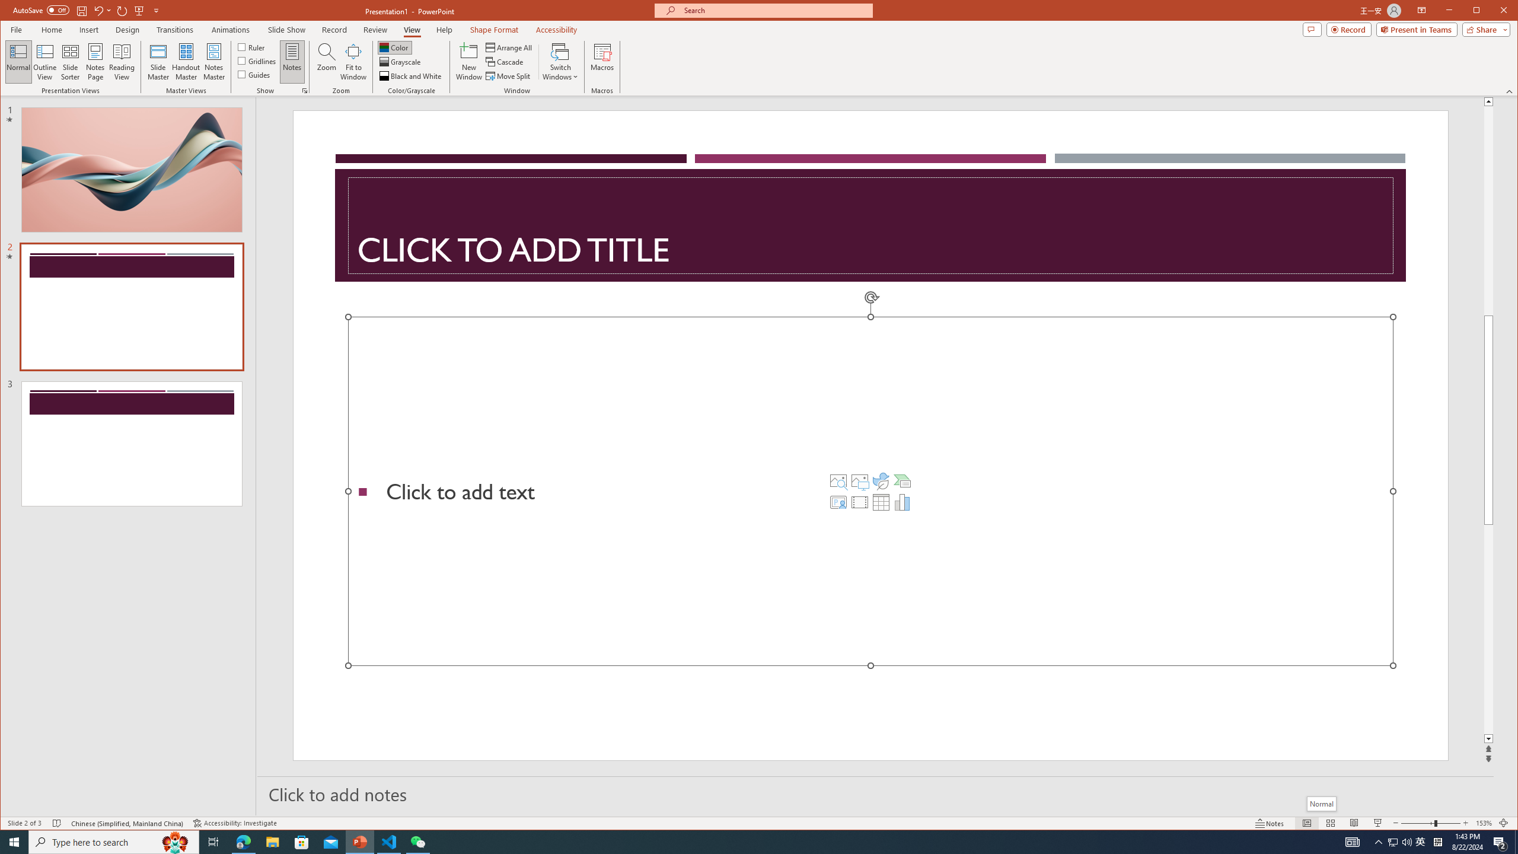 This screenshot has width=1518, height=854. What do you see at coordinates (251, 46) in the screenshot?
I see `'Ruler'` at bounding box center [251, 46].